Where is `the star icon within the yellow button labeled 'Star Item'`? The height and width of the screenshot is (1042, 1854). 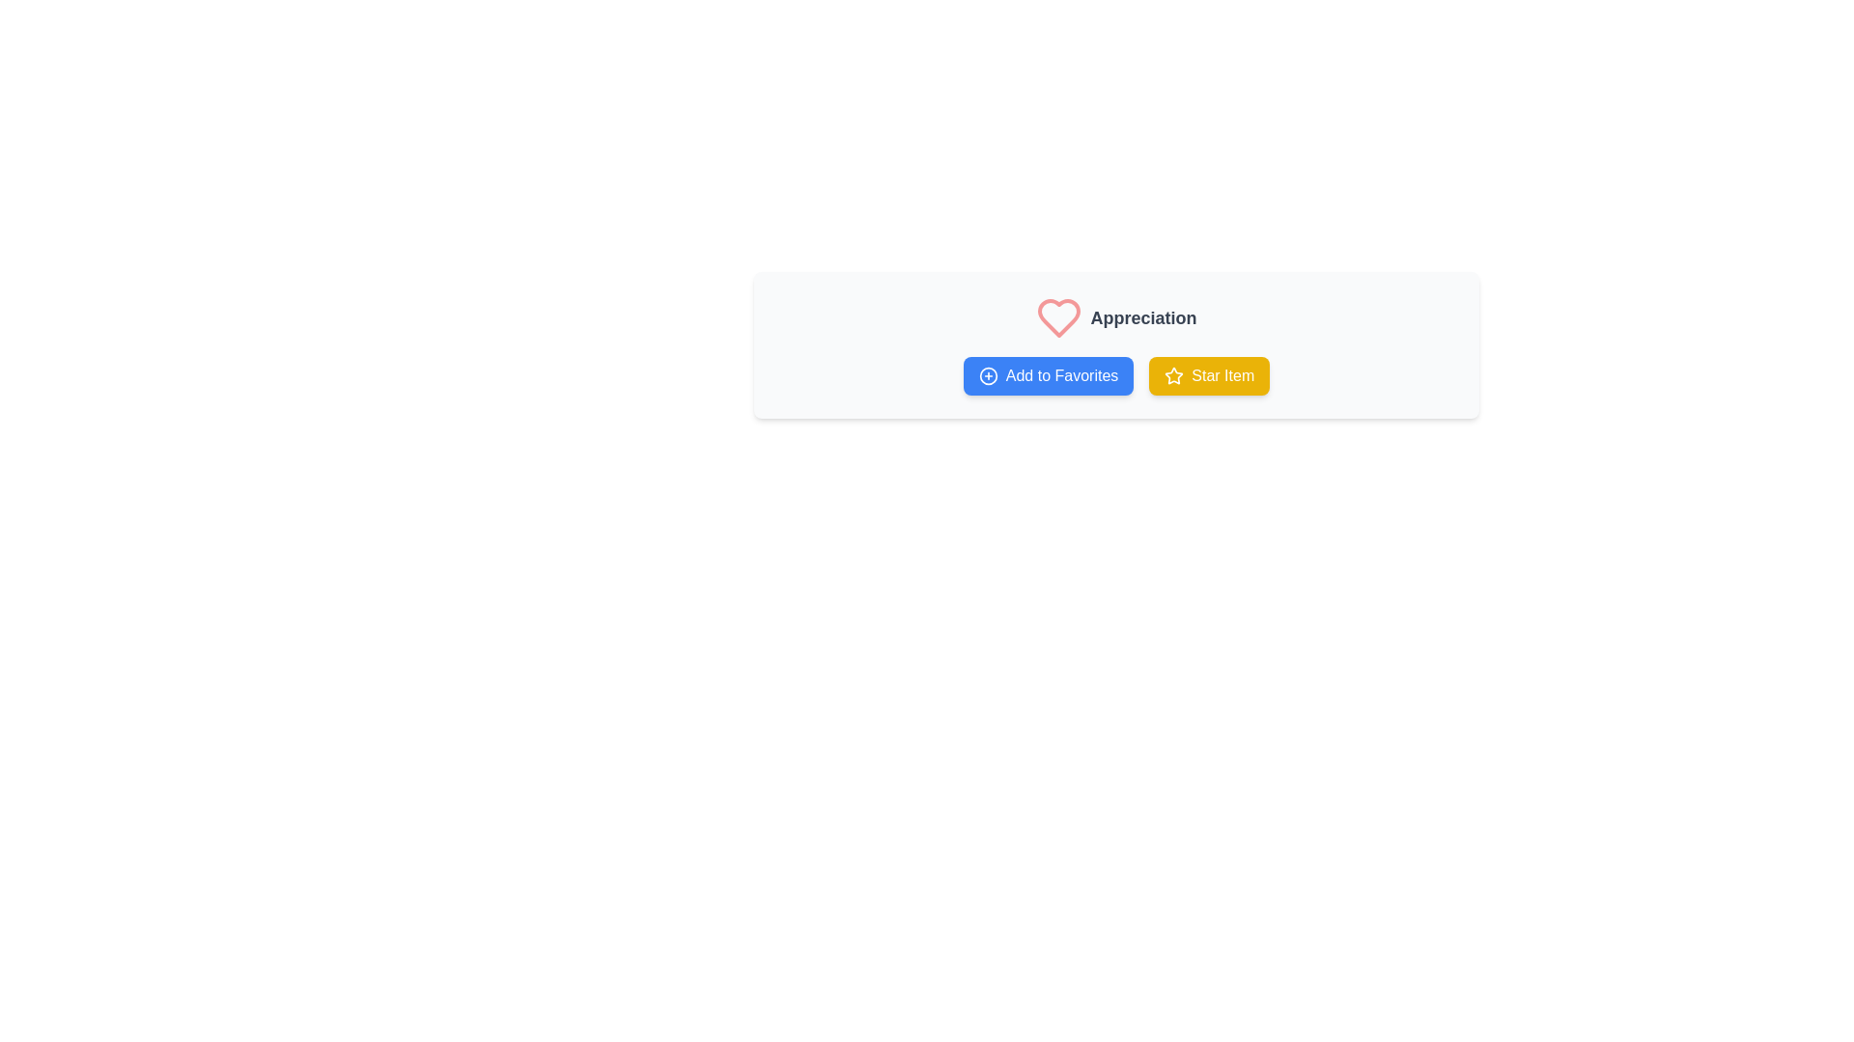 the star icon within the yellow button labeled 'Star Item' is located at coordinates (1173, 375).